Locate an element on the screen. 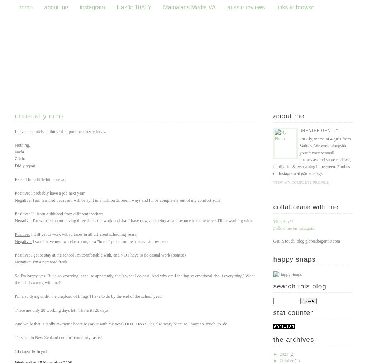 The width and height of the screenshot is (367, 363). 'links to browse' is located at coordinates (295, 7).